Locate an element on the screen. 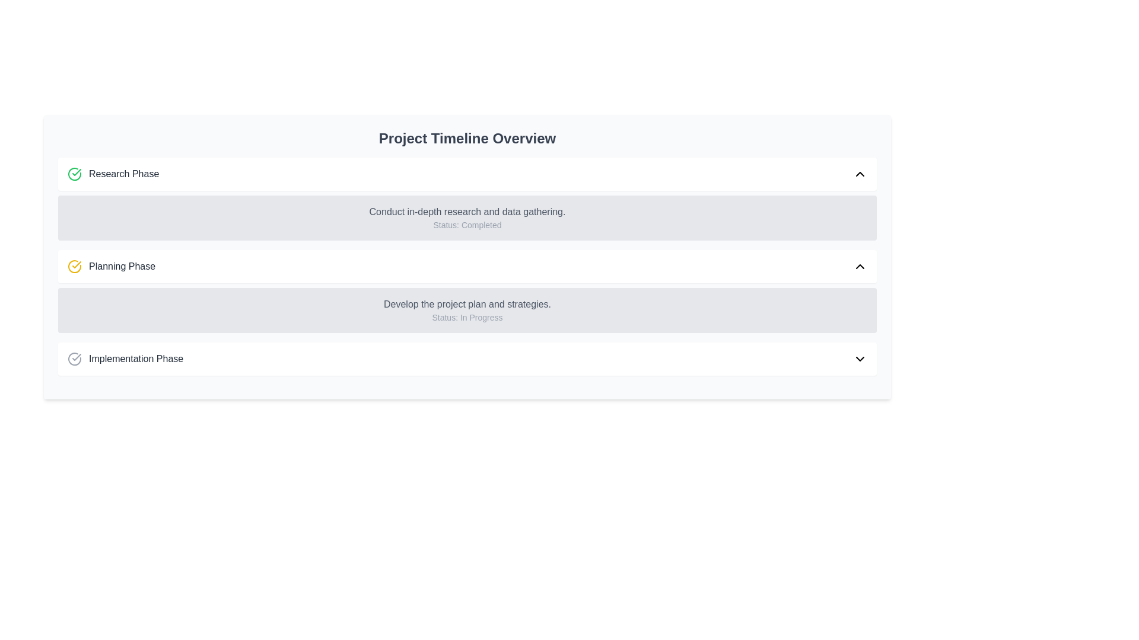 Image resolution: width=1139 pixels, height=640 pixels. the static text label reading 'Research Phase' which is styled in a medium-weight gray font and positioned to the right of a green circular checkmark icon is located at coordinates (124, 174).